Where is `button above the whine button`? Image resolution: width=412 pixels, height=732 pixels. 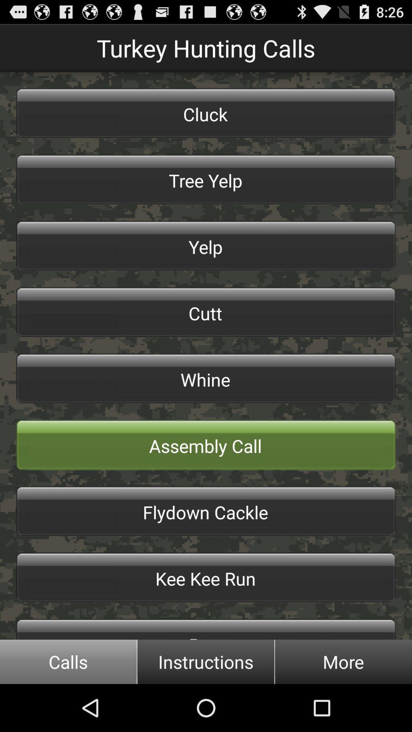 button above the whine button is located at coordinates (206, 312).